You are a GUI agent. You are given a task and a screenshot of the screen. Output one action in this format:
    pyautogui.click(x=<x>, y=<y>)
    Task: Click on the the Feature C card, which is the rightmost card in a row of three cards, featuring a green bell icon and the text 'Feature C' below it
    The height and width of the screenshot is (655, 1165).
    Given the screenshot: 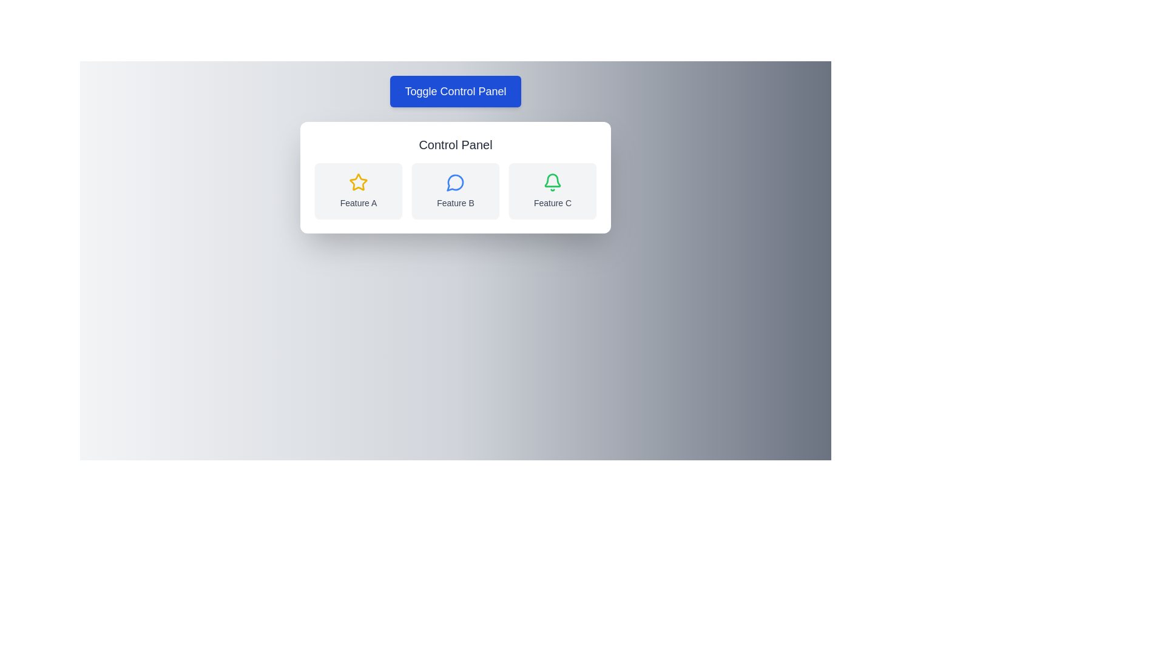 What is the action you would take?
    pyautogui.click(x=552, y=191)
    